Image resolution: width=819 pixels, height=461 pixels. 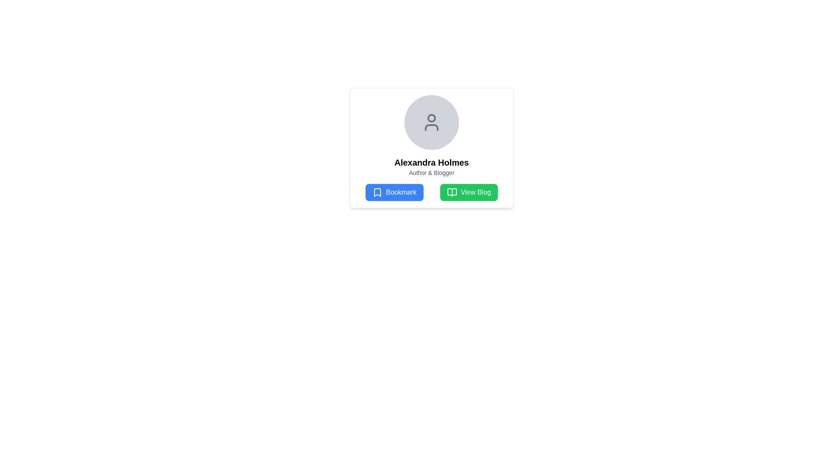 What do you see at coordinates (432, 128) in the screenshot?
I see `the curved line graphic element representing the base of an avatar or profile icon, styled in muted colors and positioned at the bottom of the user profile structure` at bounding box center [432, 128].